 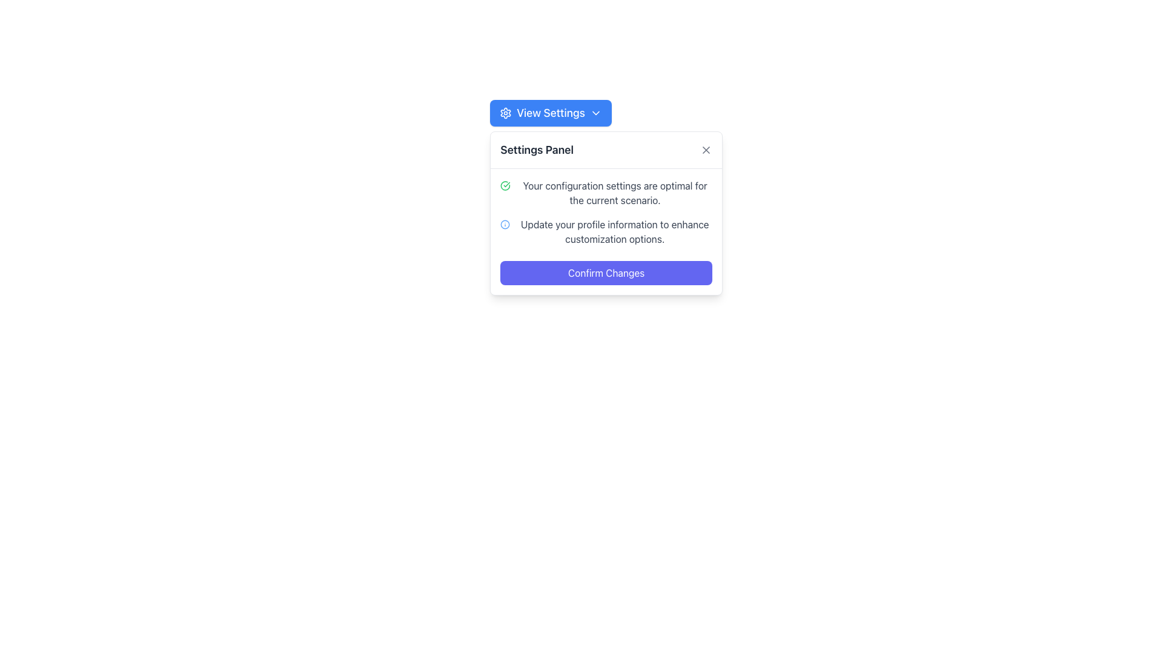 I want to click on the gear-like icon located to the left of the 'View Settings' button, so click(x=506, y=113).